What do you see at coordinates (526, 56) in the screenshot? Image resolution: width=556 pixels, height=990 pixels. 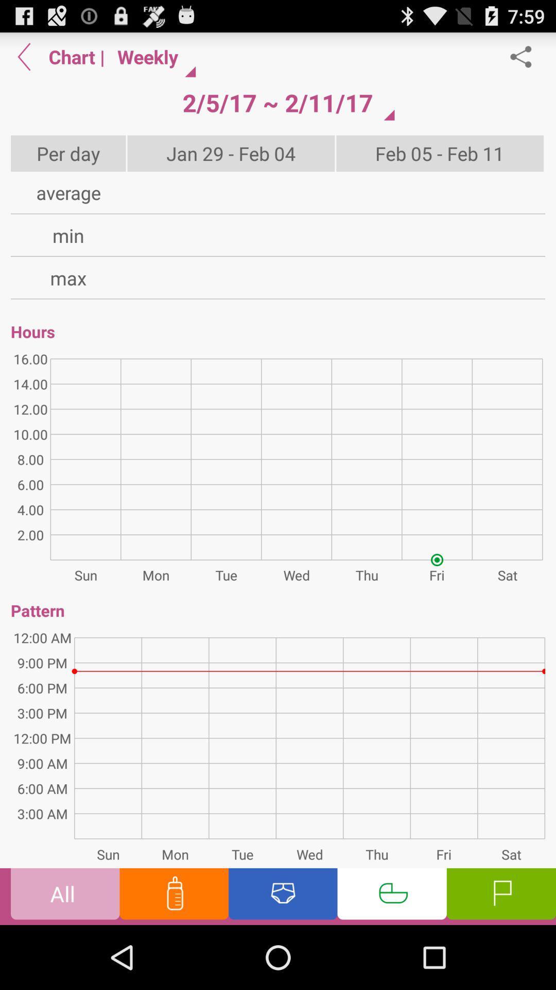 I see `share chart` at bounding box center [526, 56].